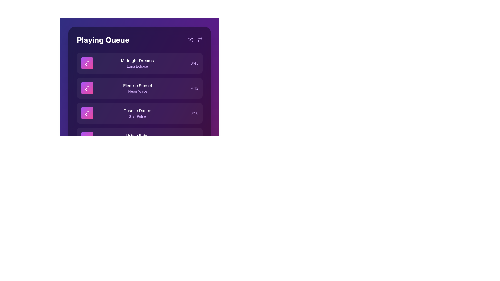 The height and width of the screenshot is (281, 500). I want to click on the music note icon within the pink square of the third card in the 'Playing Queue' interface, which visually represents the music track, so click(88, 112).